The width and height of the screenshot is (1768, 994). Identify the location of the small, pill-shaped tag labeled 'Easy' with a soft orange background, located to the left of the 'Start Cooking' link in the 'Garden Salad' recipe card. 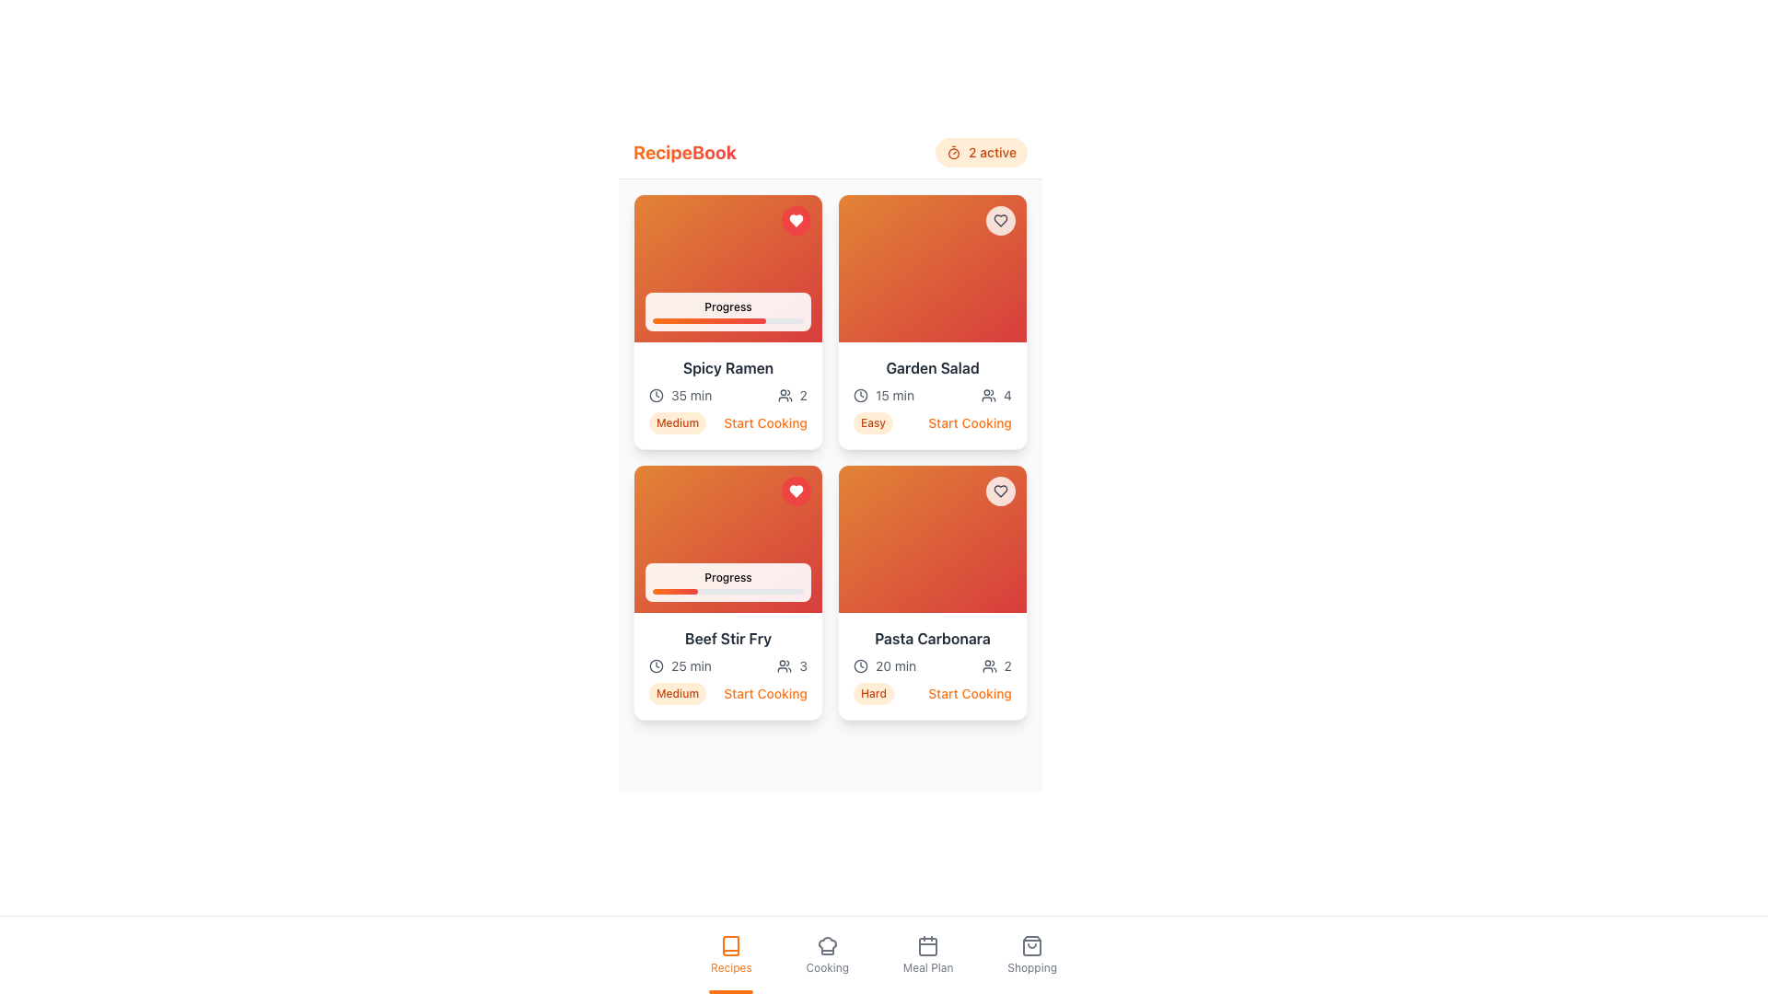
(872, 422).